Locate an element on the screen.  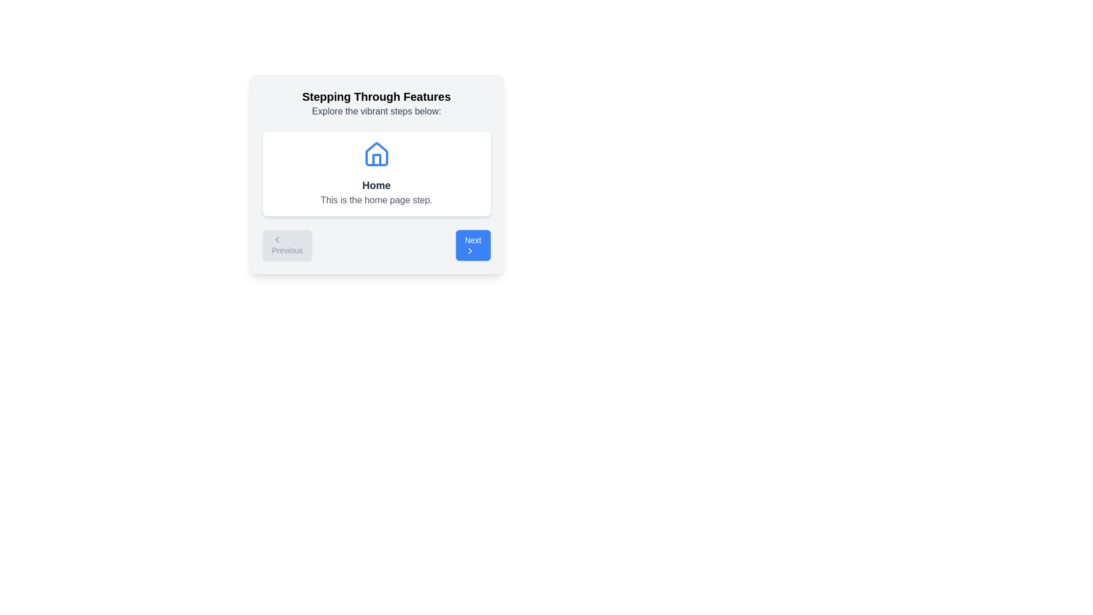
the Header with subheader text element that displays 'Stepping Through Features' and 'Explore the vibrant steps below:' located at the top section of the card component is located at coordinates (376, 103).